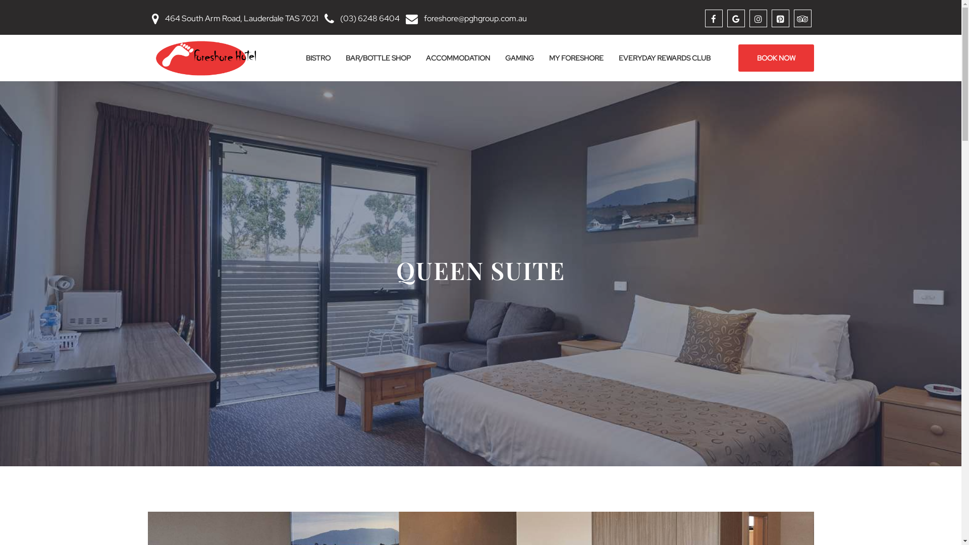 The width and height of the screenshot is (969, 545). Describe the element at coordinates (775, 58) in the screenshot. I see `'BOOK NOW'` at that location.